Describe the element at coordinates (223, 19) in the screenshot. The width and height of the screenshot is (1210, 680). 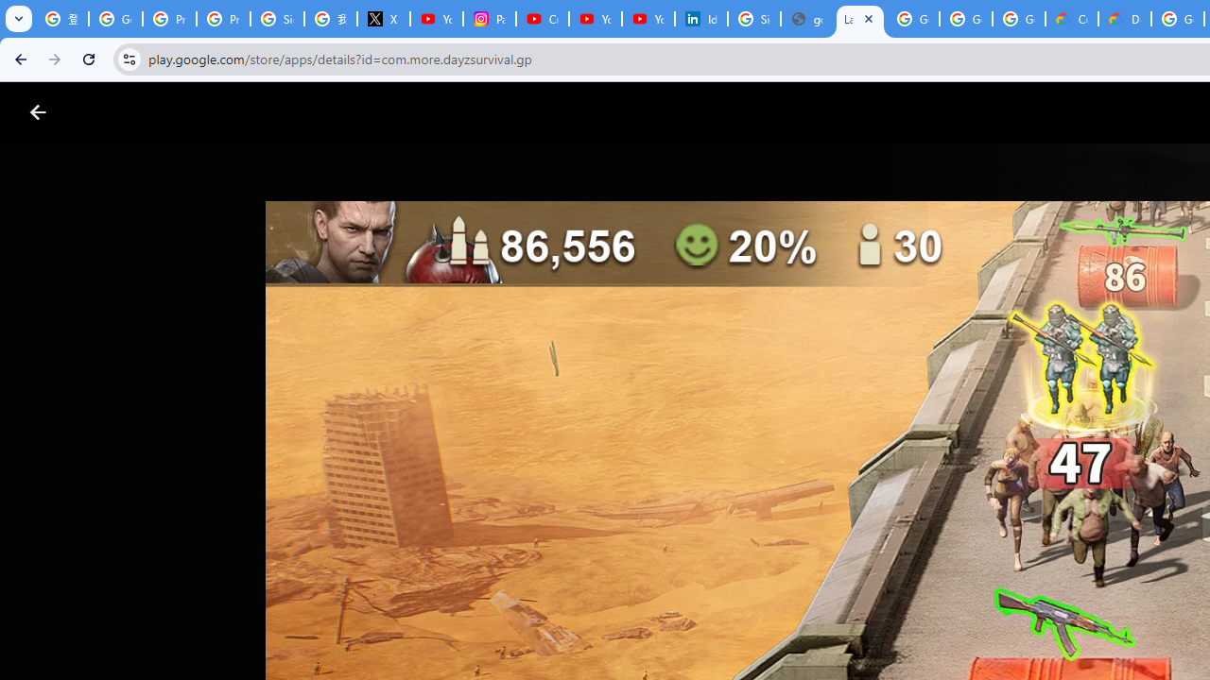
I see `'Privacy Help Center - Policies Help'` at that location.